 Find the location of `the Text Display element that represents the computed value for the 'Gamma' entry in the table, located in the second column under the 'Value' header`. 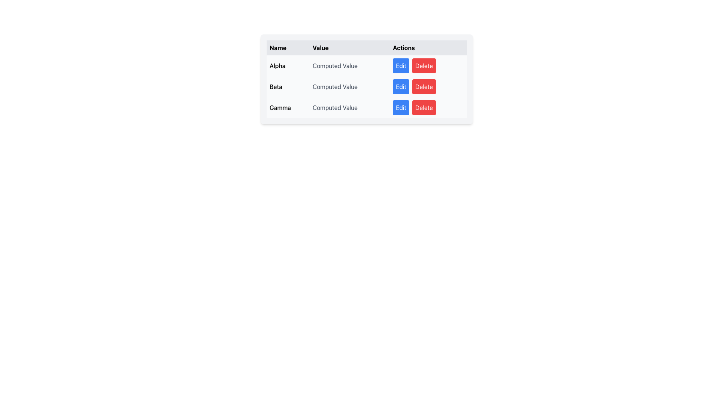

the Text Display element that represents the computed value for the 'Gamma' entry in the table, located in the second column under the 'Value' header is located at coordinates (349, 108).